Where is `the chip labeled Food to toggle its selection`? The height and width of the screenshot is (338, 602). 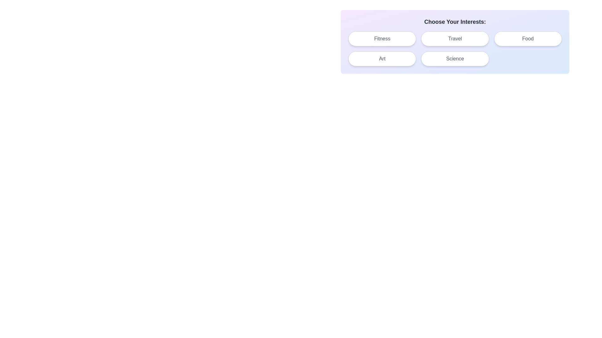 the chip labeled Food to toggle its selection is located at coordinates (527, 38).